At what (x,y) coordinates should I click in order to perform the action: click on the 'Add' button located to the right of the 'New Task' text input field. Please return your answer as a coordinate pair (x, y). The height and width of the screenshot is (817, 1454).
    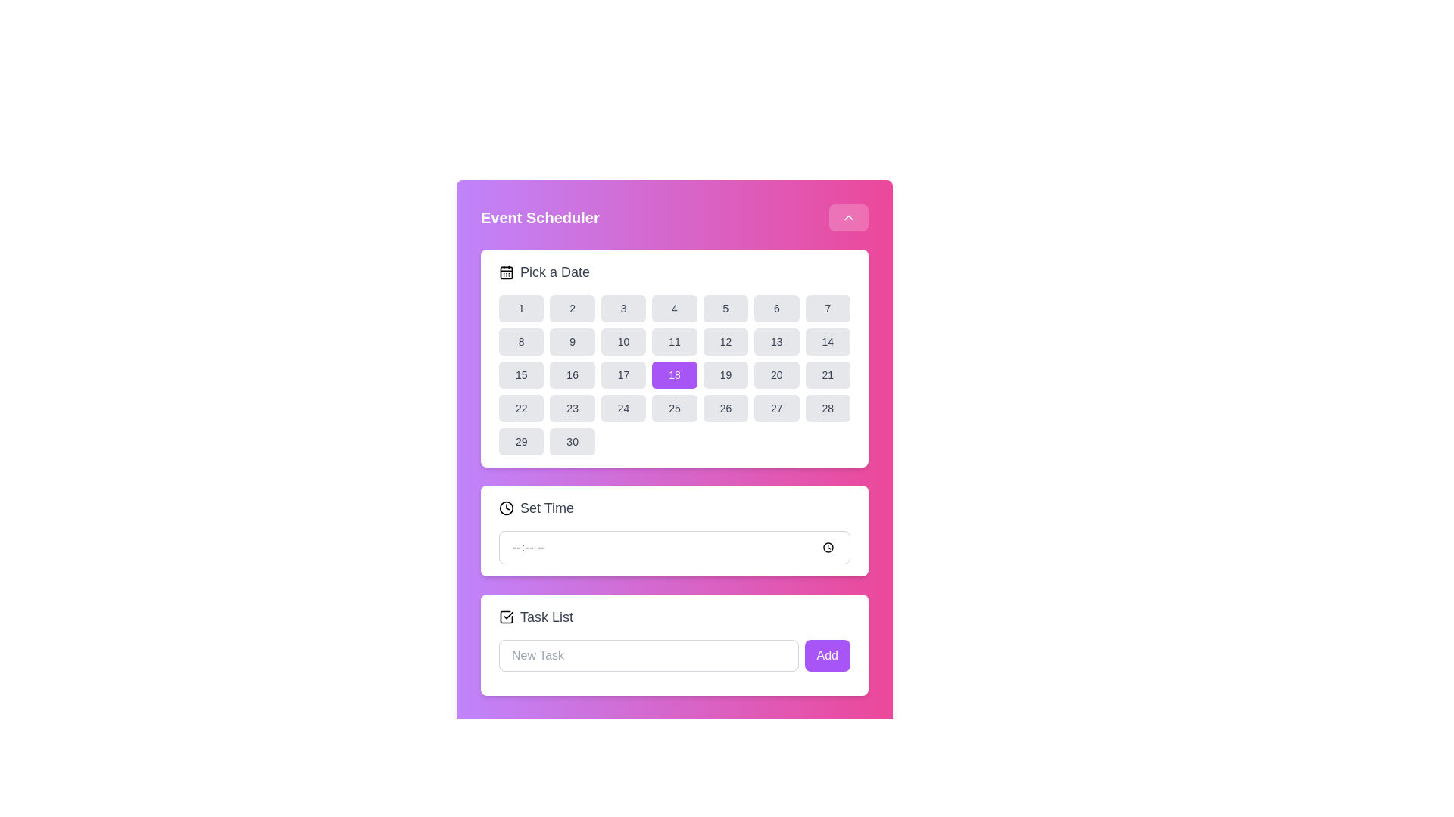
    Looking at the image, I should click on (826, 655).